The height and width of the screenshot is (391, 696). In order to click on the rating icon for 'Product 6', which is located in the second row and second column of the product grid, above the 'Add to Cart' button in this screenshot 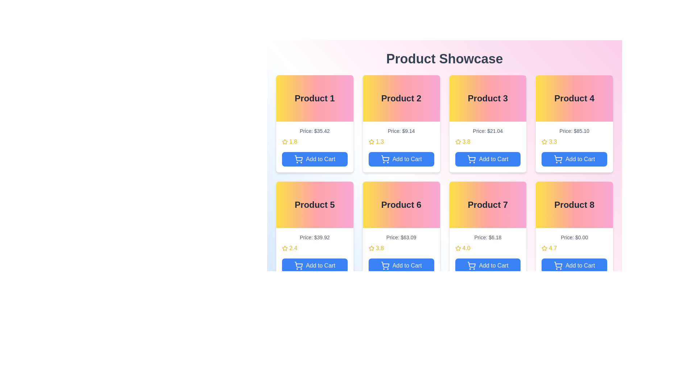, I will do `click(371, 248)`.